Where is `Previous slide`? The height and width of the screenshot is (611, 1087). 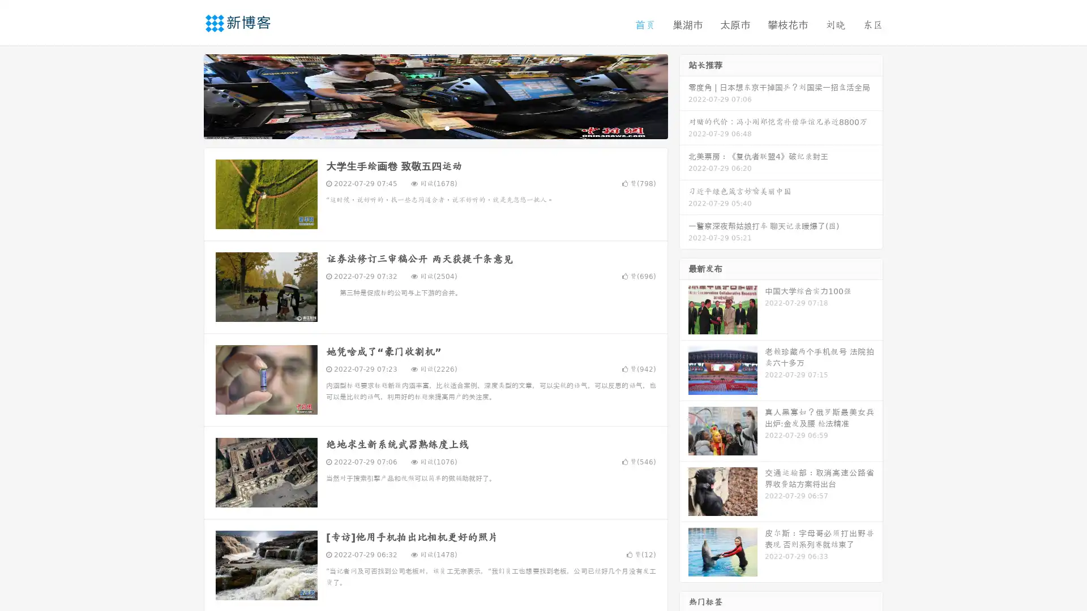 Previous slide is located at coordinates (187, 95).